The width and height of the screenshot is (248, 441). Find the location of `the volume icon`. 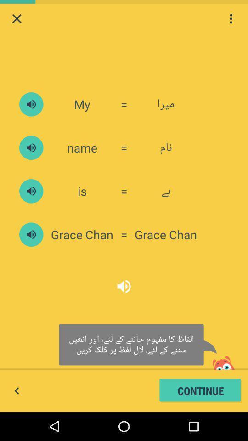

the volume icon is located at coordinates (31, 111).